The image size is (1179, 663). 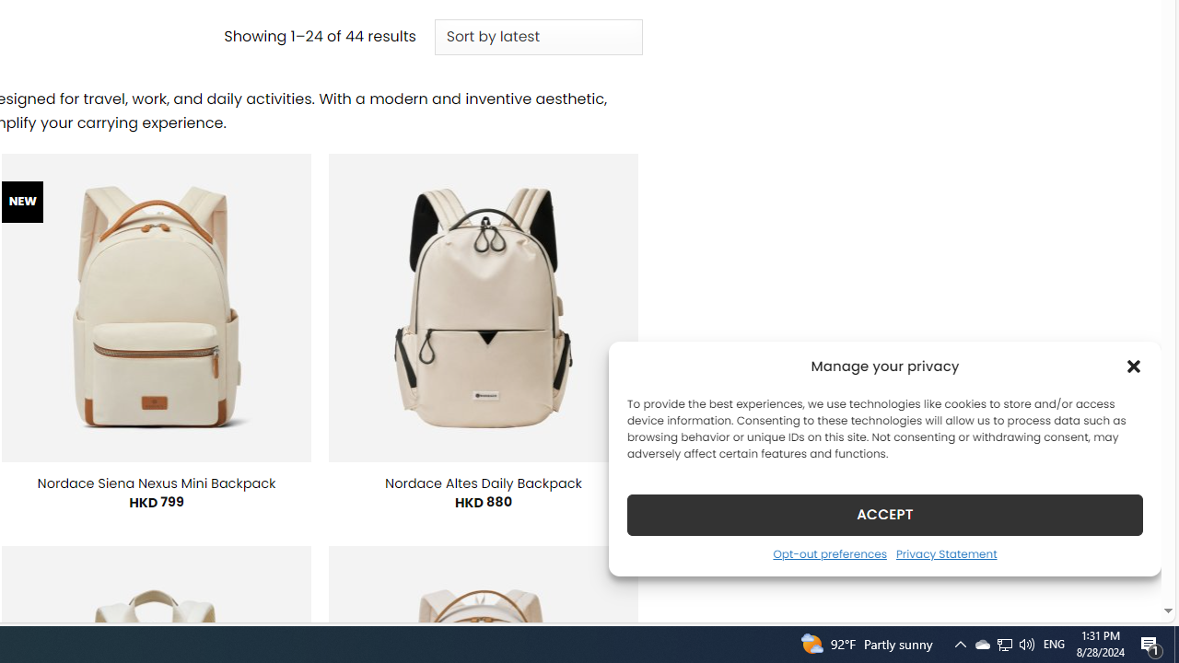 I want to click on 'ACCEPT', so click(x=885, y=514).